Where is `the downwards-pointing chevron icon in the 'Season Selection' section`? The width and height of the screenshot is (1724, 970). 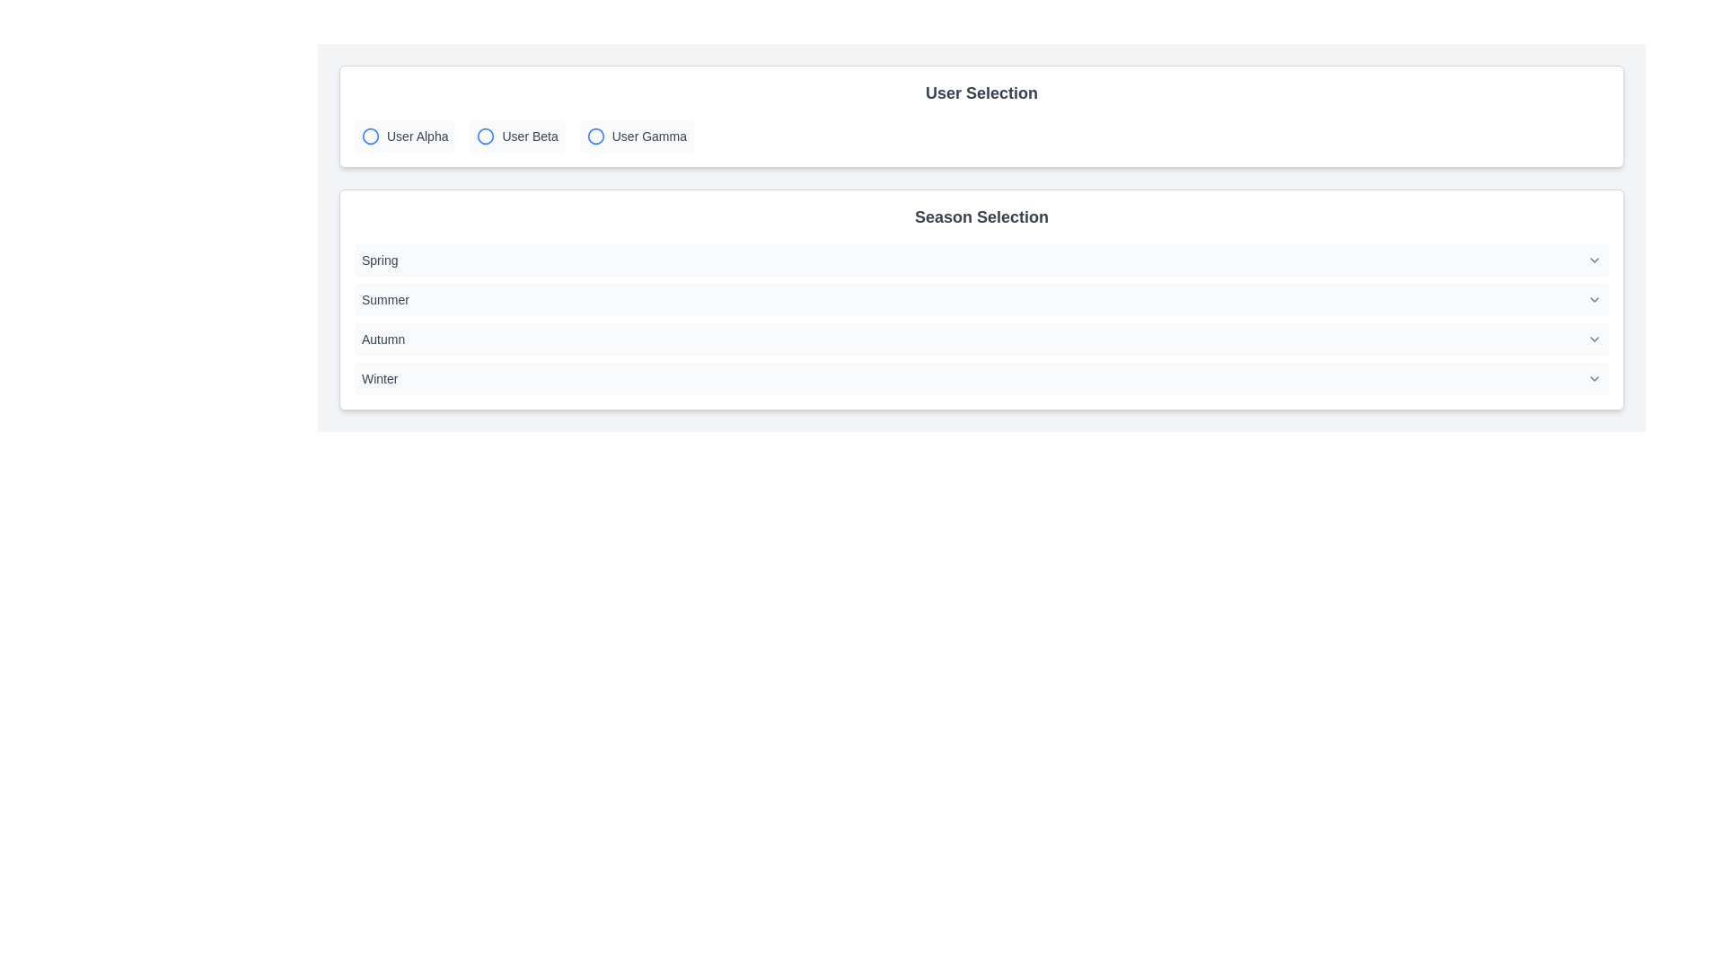
the downwards-pointing chevron icon in the 'Season Selection' section is located at coordinates (1595, 299).